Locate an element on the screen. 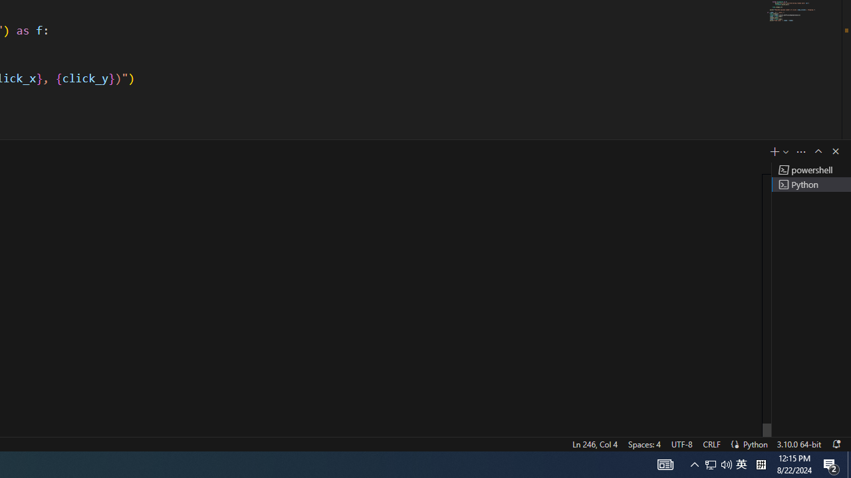  'Views and More Actions...' is located at coordinates (800, 151).